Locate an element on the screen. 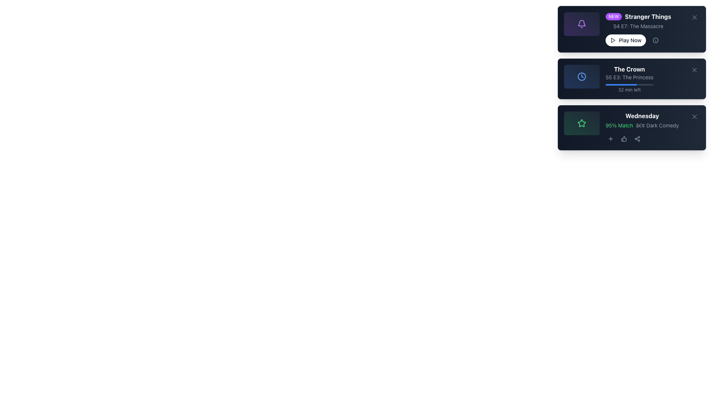 The image size is (712, 400). the label displaying the text '• Dark Comedy', which is gray and smaller than adjacent text, located to the right of '95% Match' in the third content card for the show 'Wednesday' is located at coordinates (657, 125).